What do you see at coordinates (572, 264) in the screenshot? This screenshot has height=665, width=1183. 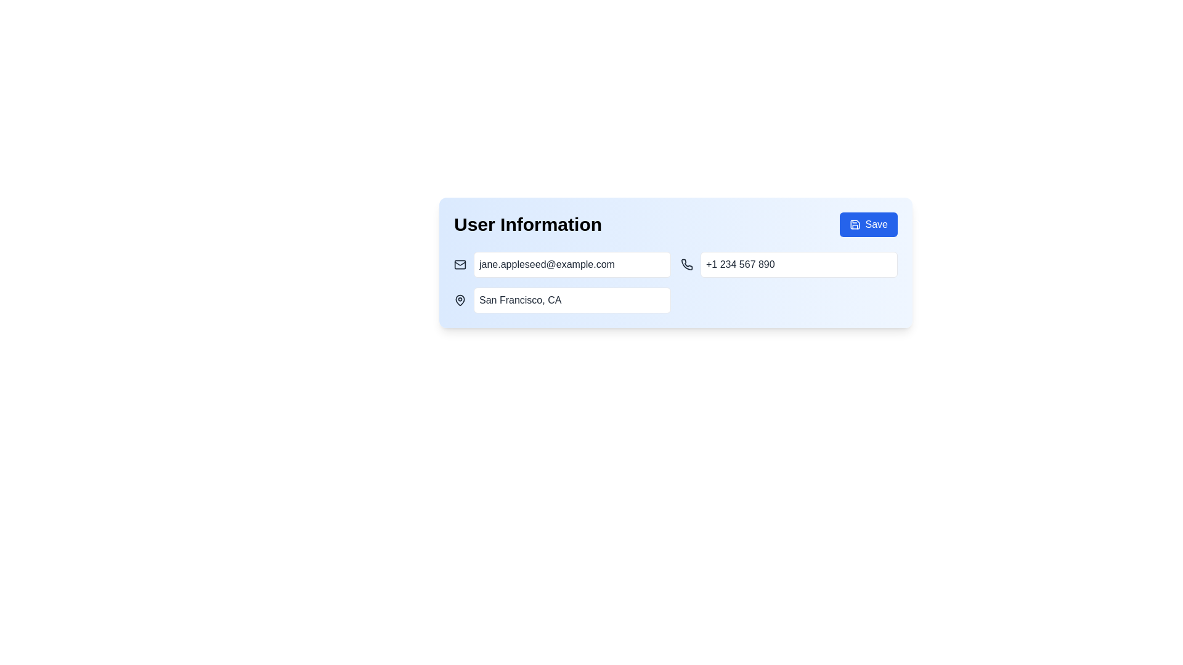 I see `the email input field` at bounding box center [572, 264].